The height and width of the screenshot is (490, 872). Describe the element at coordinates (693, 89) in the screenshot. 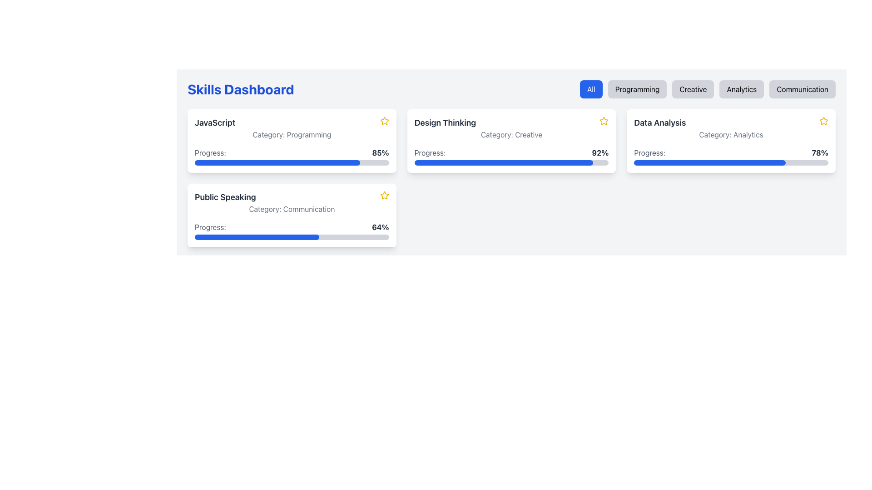

I see `the 'Creative' filter button, which is the third button in a horizontal group of five located in the top-right portion of the interface` at that location.